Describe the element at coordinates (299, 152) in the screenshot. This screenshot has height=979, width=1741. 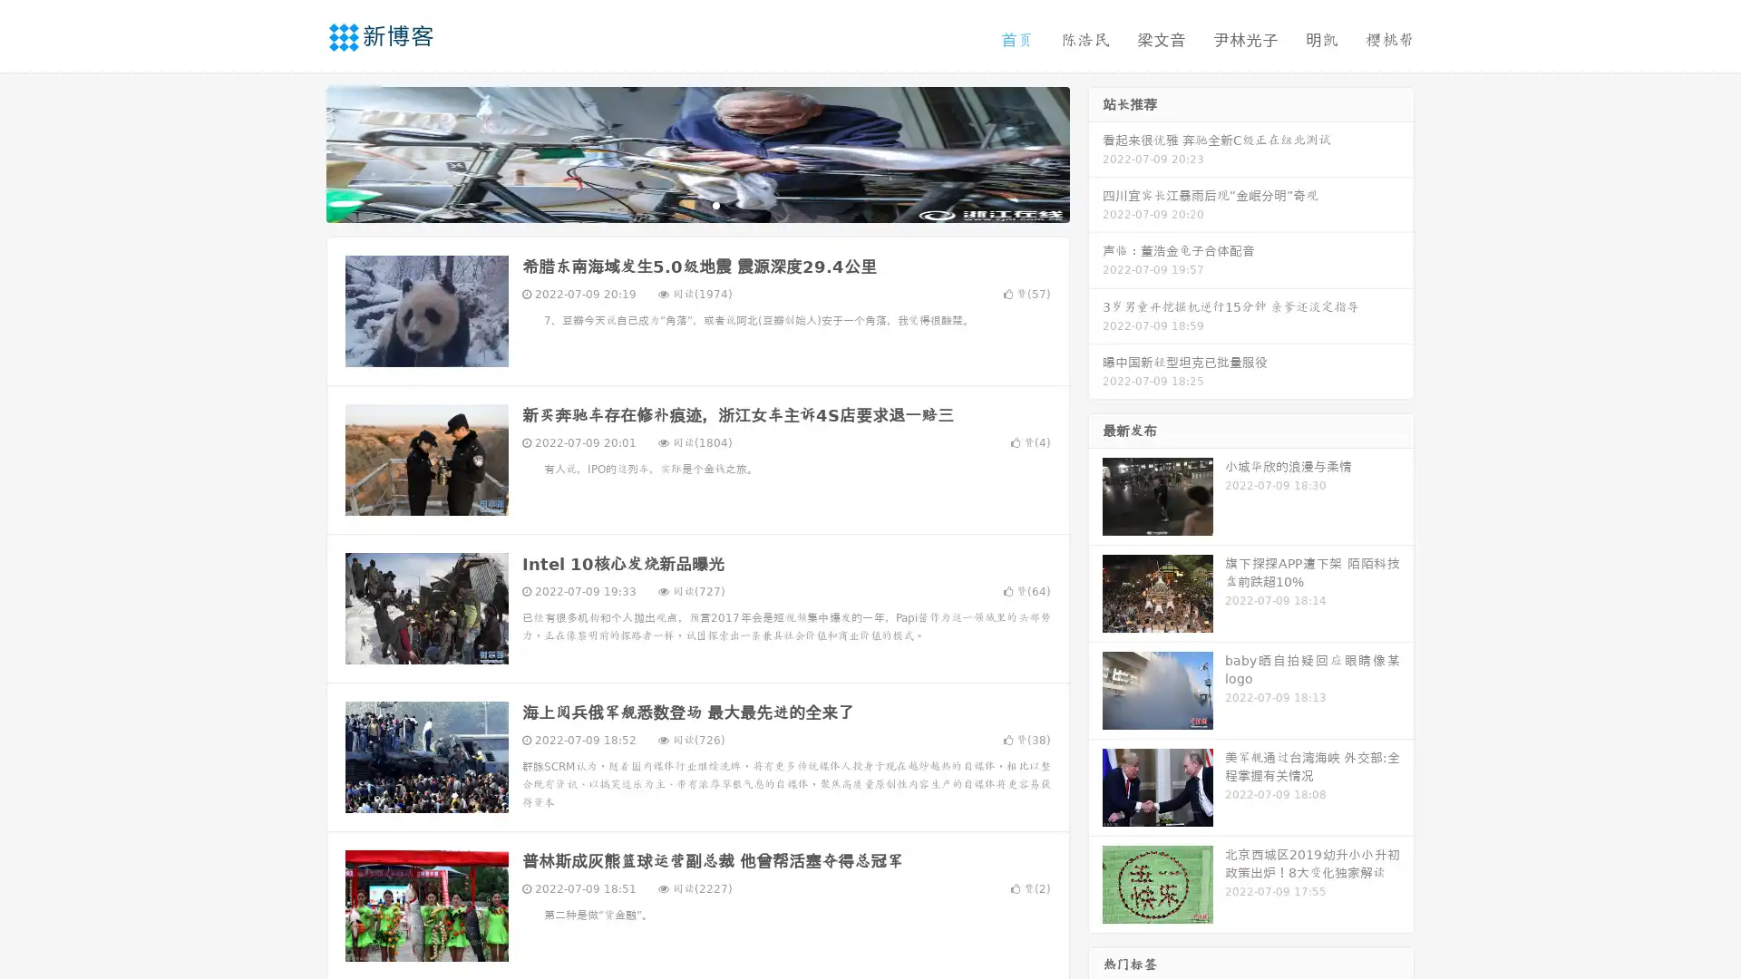
I see `Previous slide` at that location.